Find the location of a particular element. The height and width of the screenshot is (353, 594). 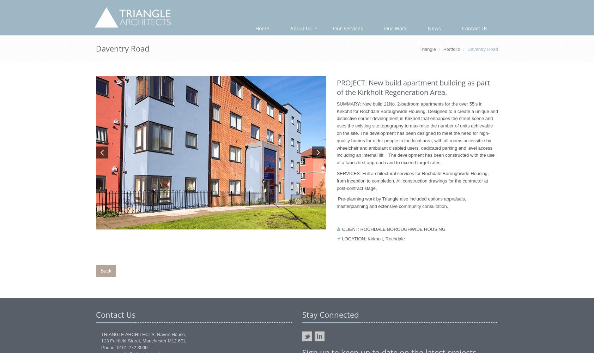

'Our Services' is located at coordinates (333, 28).